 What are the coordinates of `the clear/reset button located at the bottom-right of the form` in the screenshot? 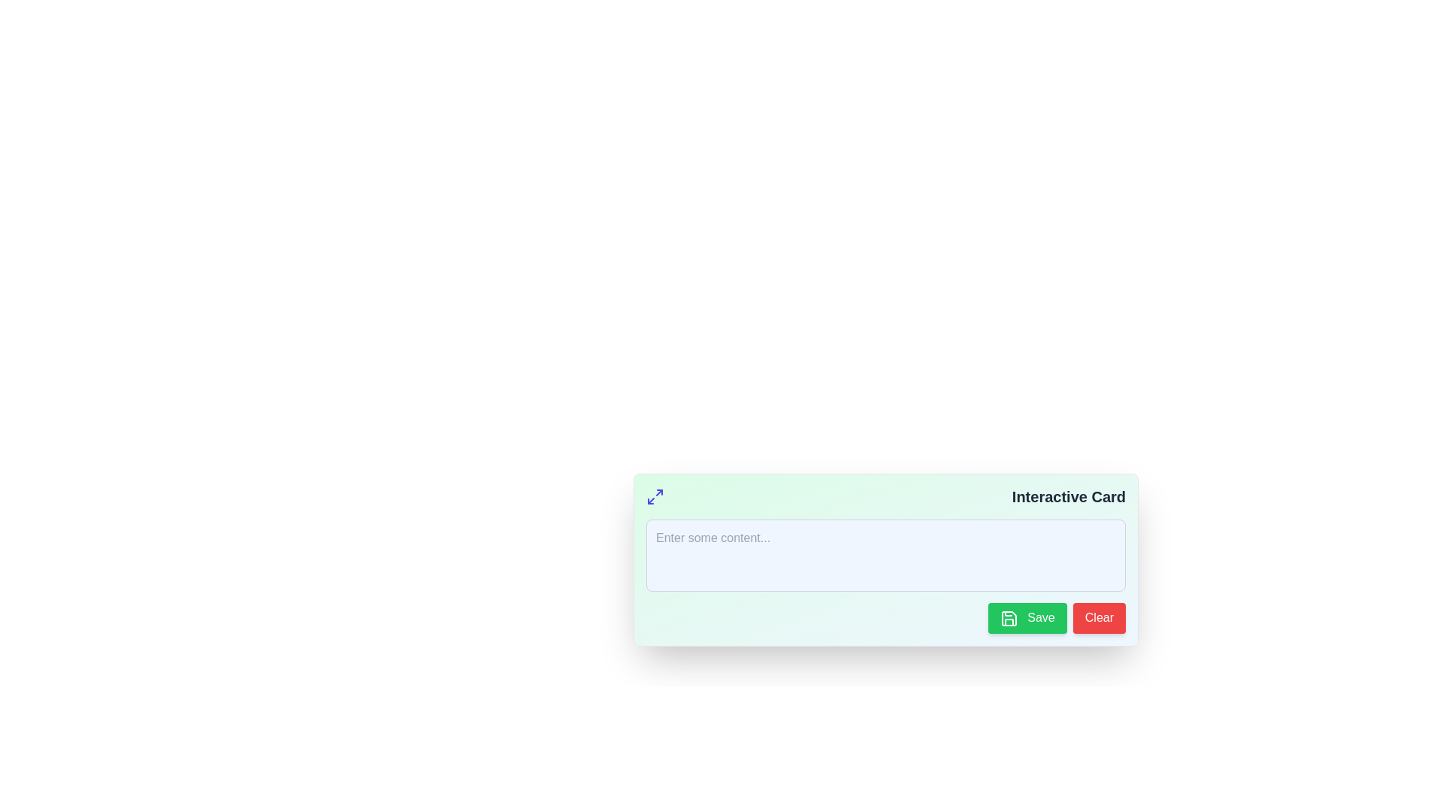 It's located at (1099, 618).